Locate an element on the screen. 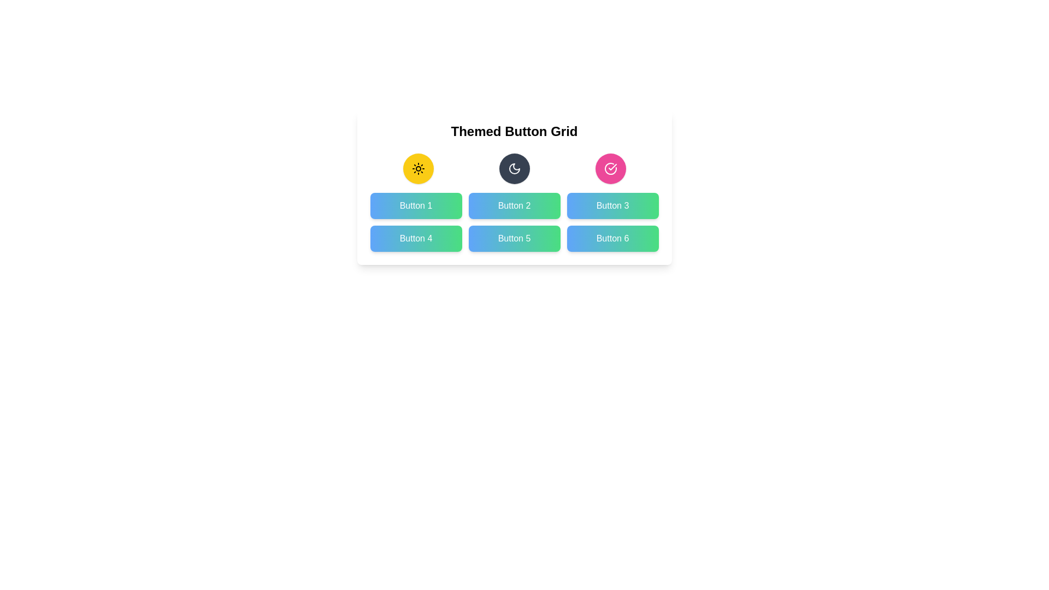 Image resolution: width=1049 pixels, height=590 pixels. the confirmation button, which is the third circular button with a checkmark icon, located to the right of the dark gray crescent moon button is located at coordinates (610, 168).